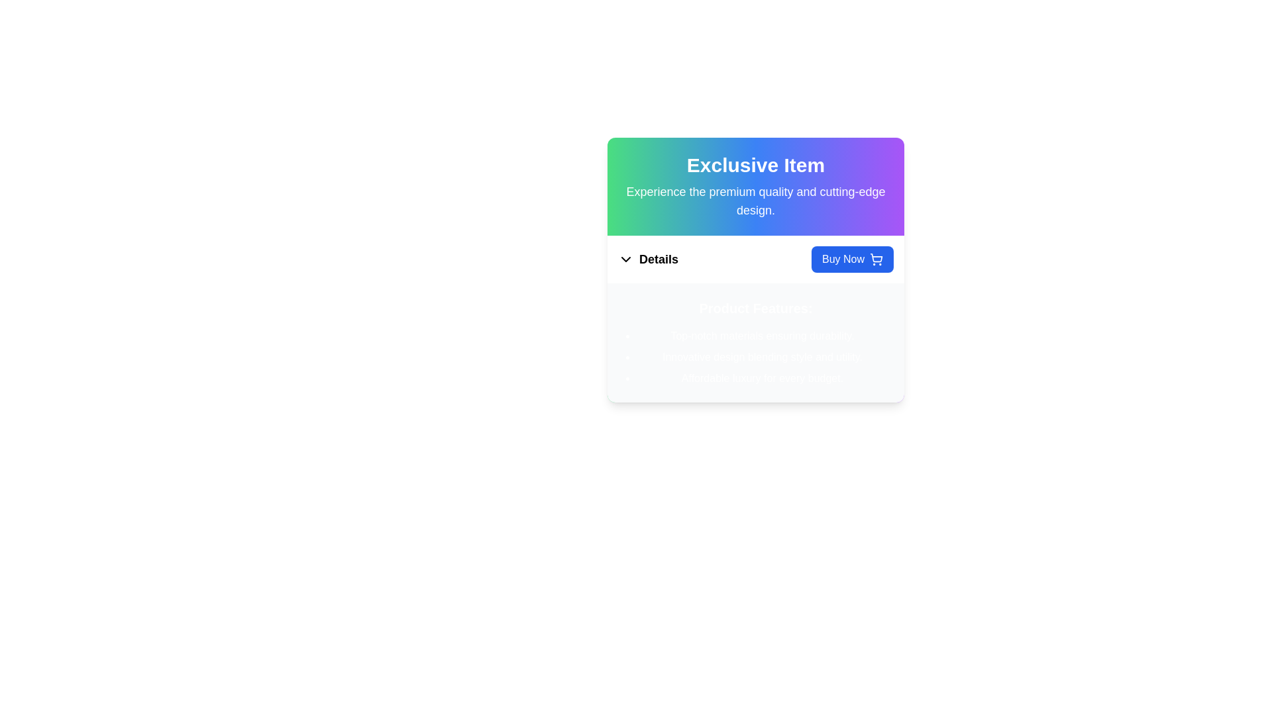 The width and height of the screenshot is (1272, 715). Describe the element at coordinates (763, 336) in the screenshot. I see `the first bullet point in the product features list that describes the durability and quality of the materials` at that location.